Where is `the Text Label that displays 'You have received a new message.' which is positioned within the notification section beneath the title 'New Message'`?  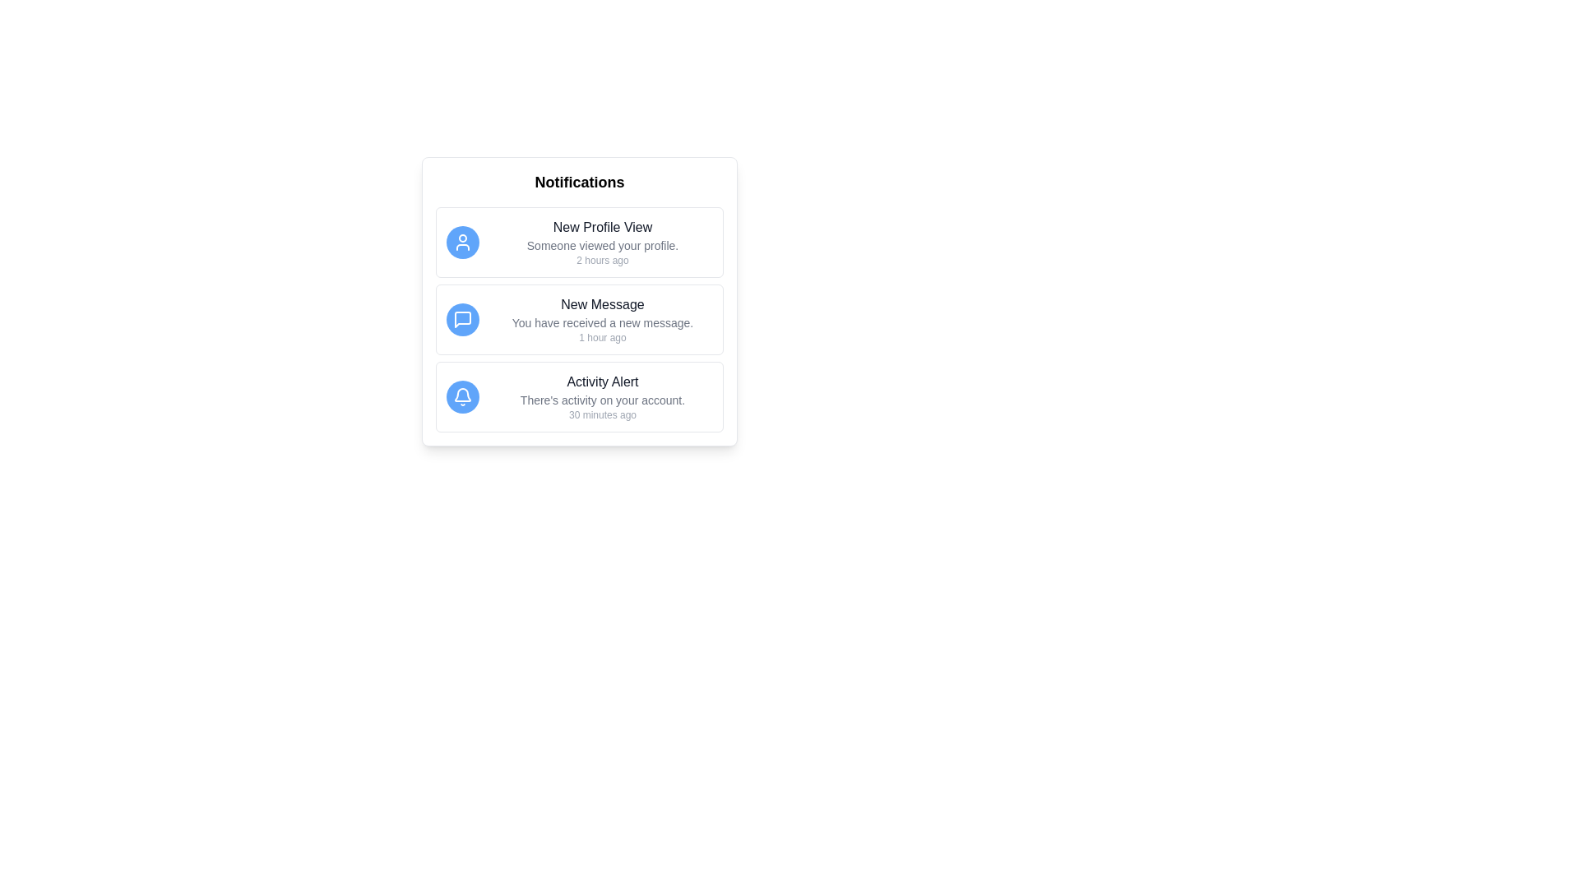 the Text Label that displays 'You have received a new message.' which is positioned within the notification section beneath the title 'New Message' is located at coordinates (602, 323).